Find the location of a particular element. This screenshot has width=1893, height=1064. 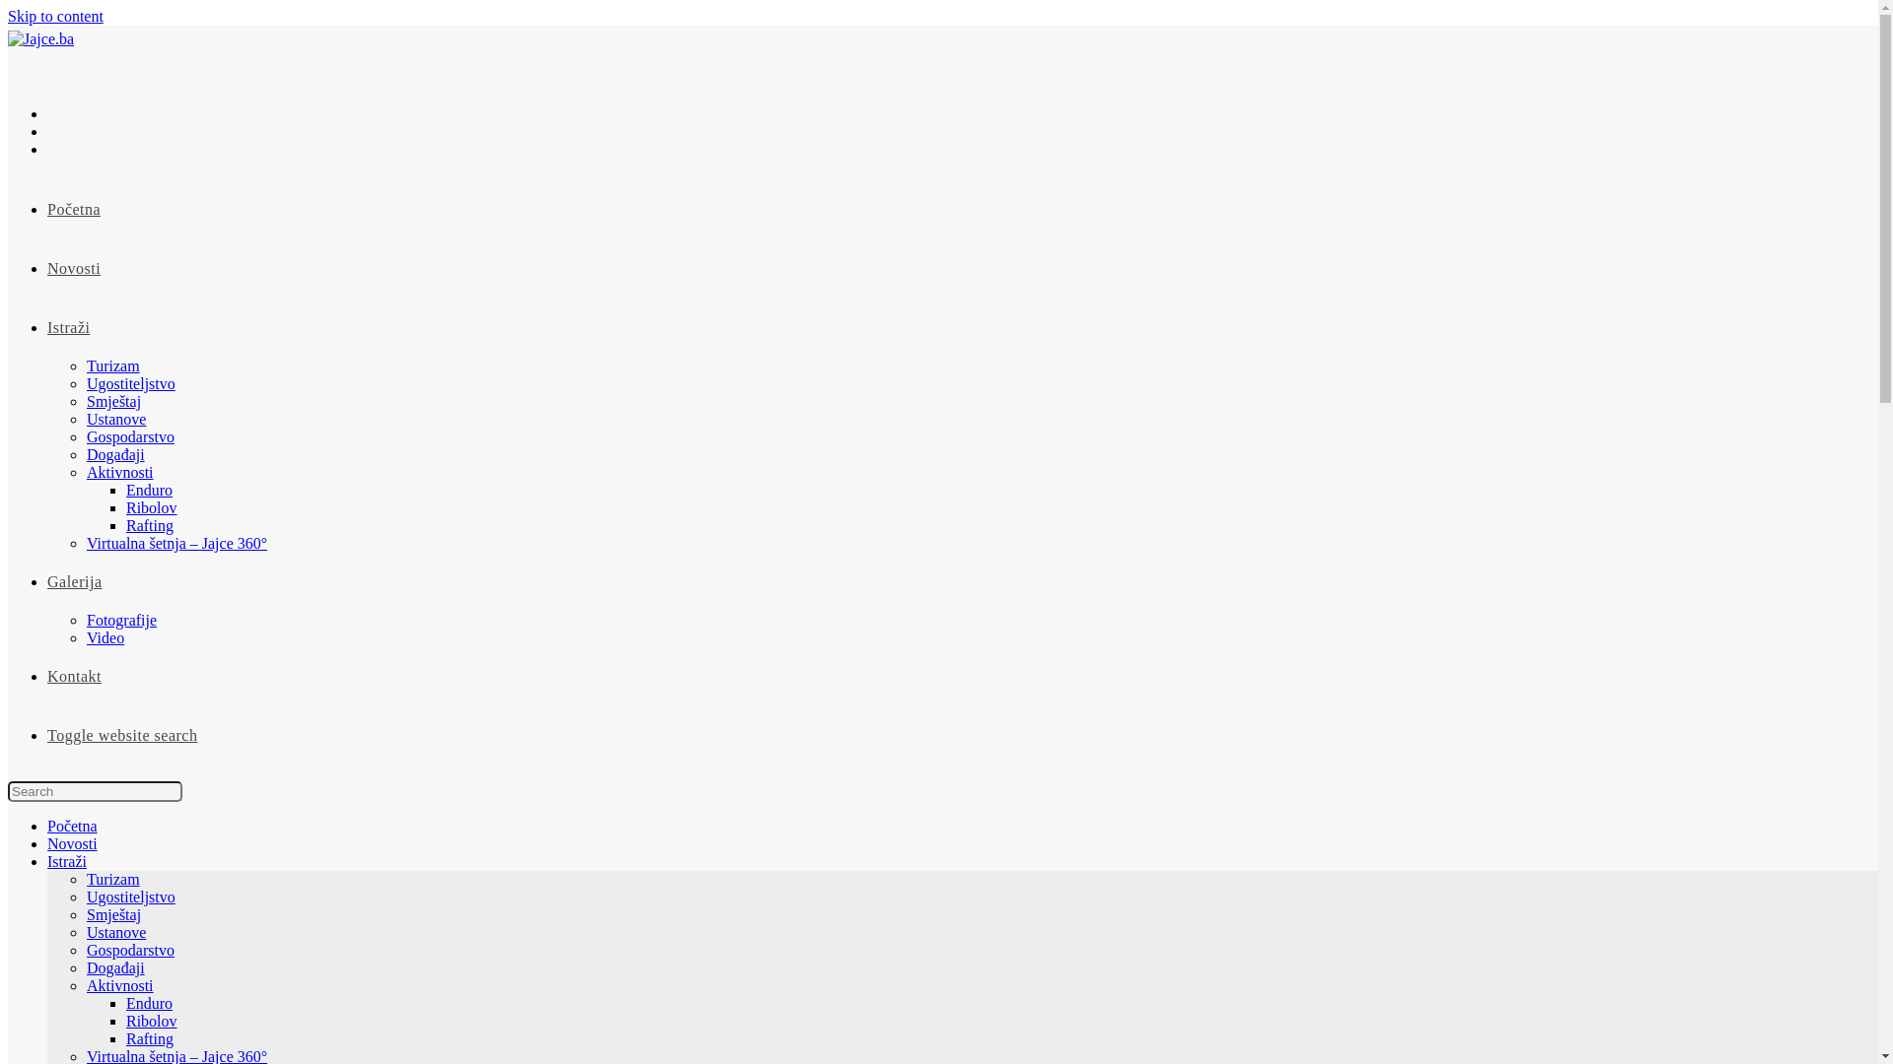

'Enduro' is located at coordinates (148, 1003).